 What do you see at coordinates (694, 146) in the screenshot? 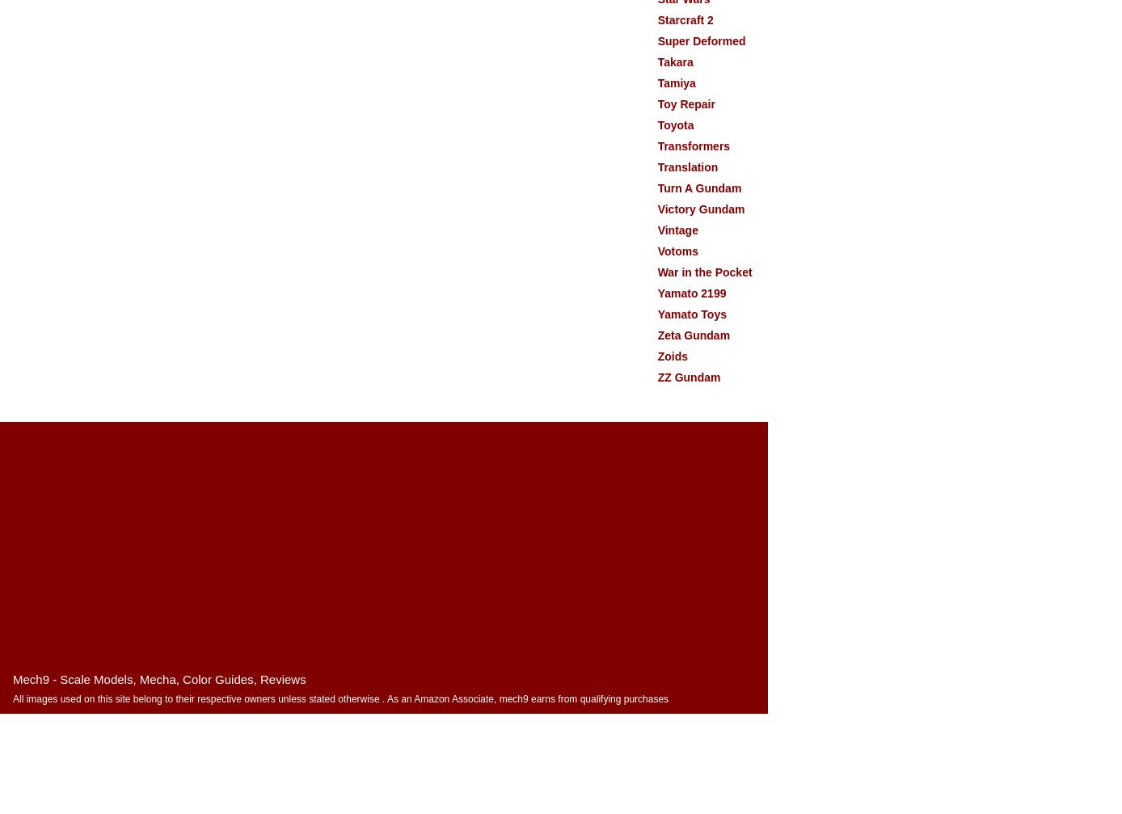
I see `'Transformers'` at bounding box center [694, 146].